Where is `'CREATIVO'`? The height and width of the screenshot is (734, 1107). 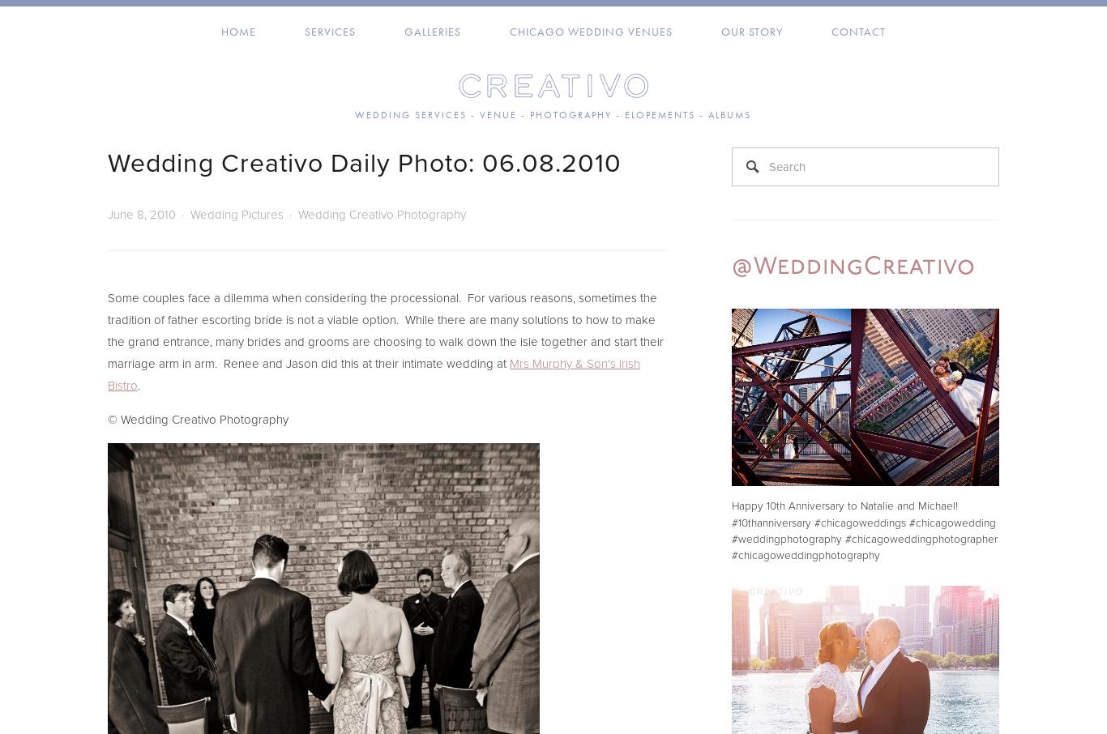 'CREATIVO' is located at coordinates (553, 84).